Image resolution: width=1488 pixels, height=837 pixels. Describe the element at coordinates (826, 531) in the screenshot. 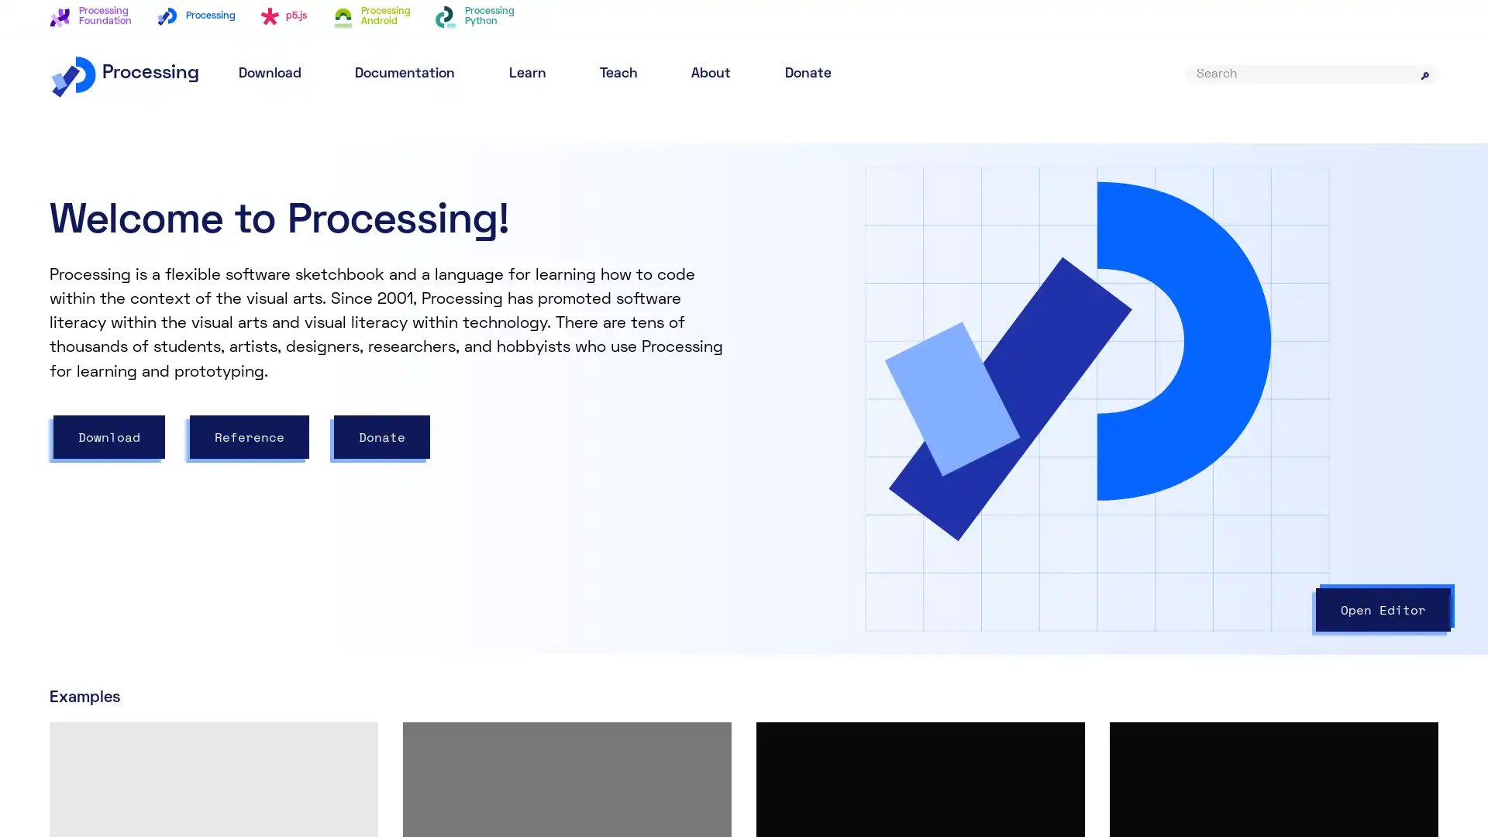

I see `change position` at that location.